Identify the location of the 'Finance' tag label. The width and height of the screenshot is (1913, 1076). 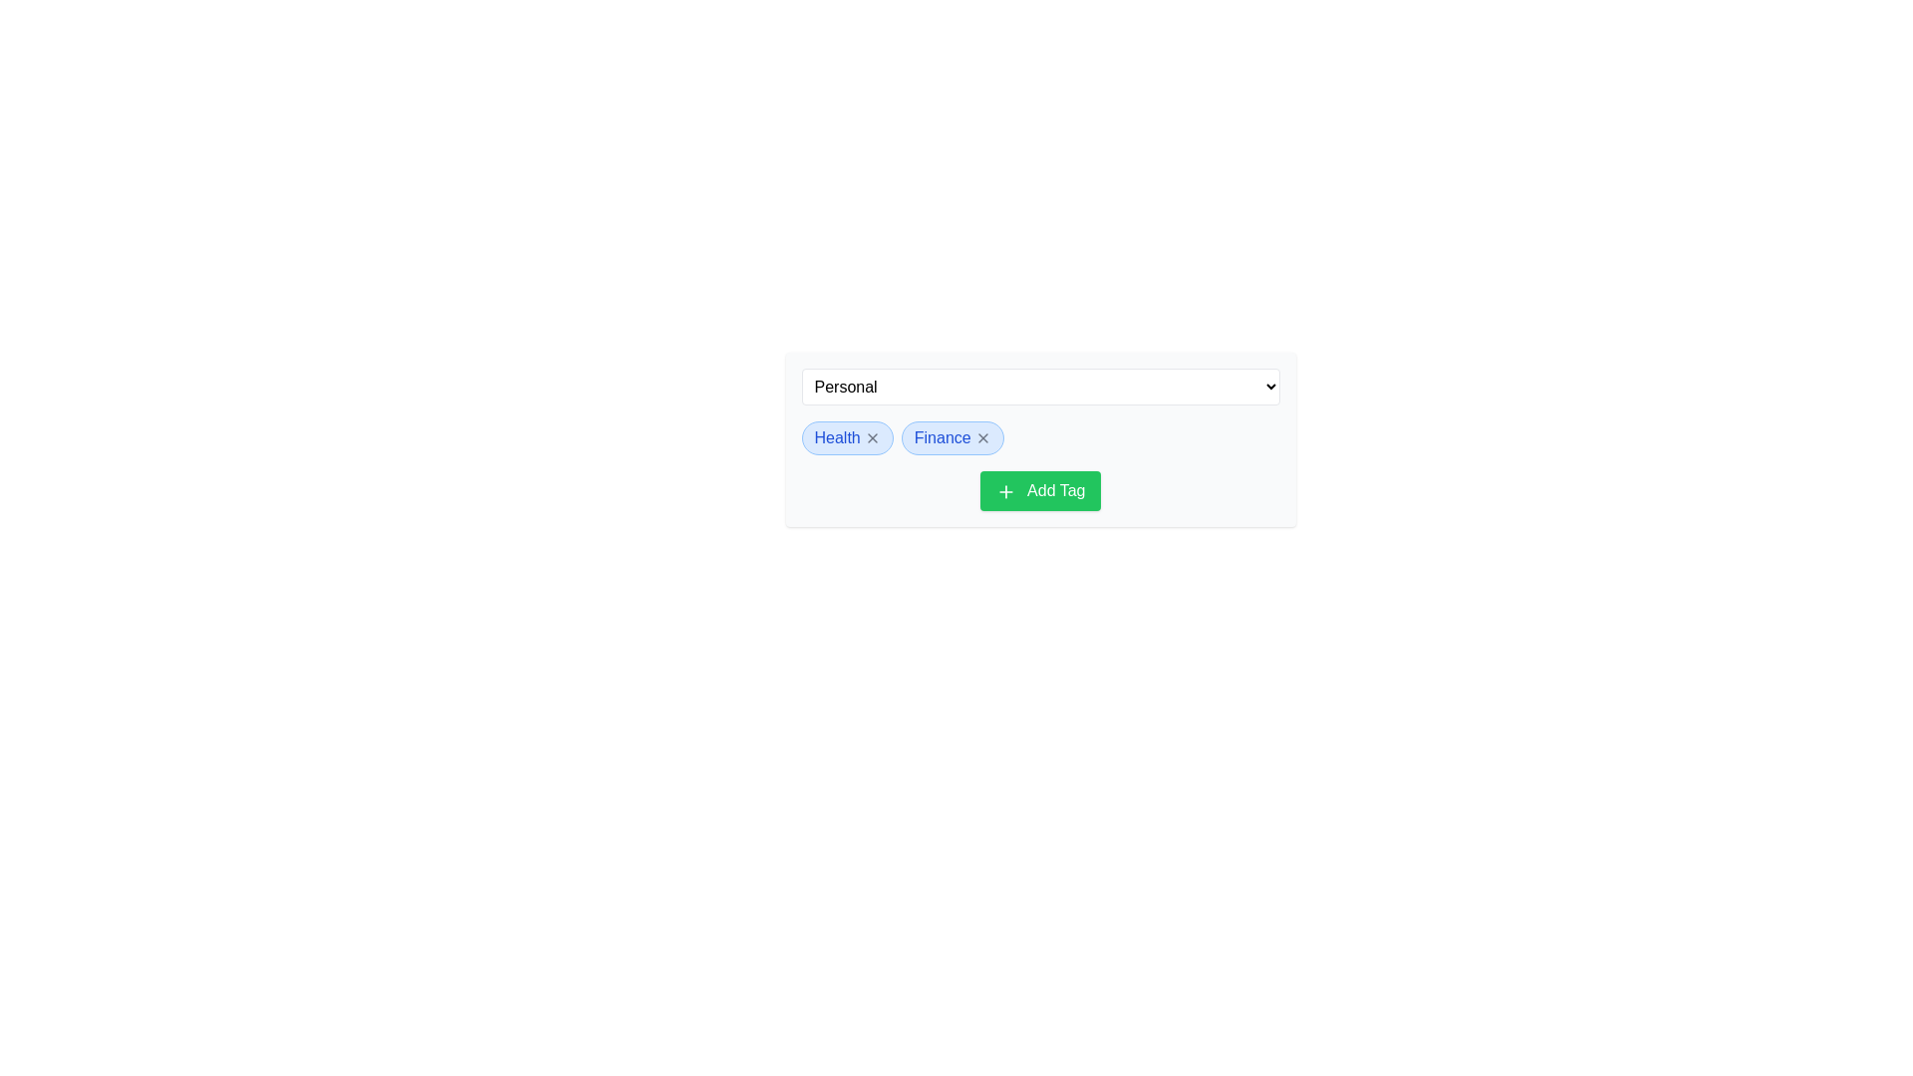
(952, 436).